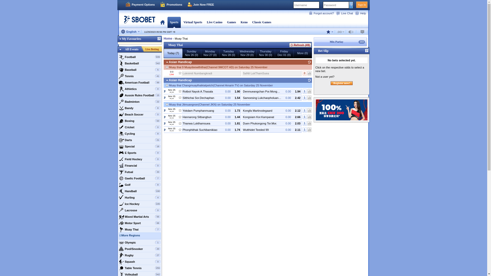  Describe the element at coordinates (140, 229) in the screenshot. I see `'Muay Thai` at that location.